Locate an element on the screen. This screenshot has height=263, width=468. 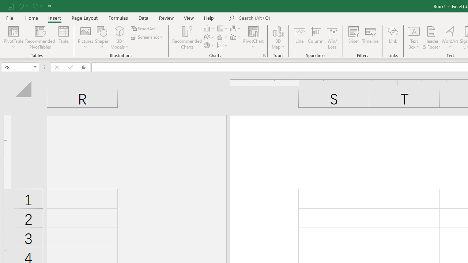
'SmartArt...' is located at coordinates (143, 28).